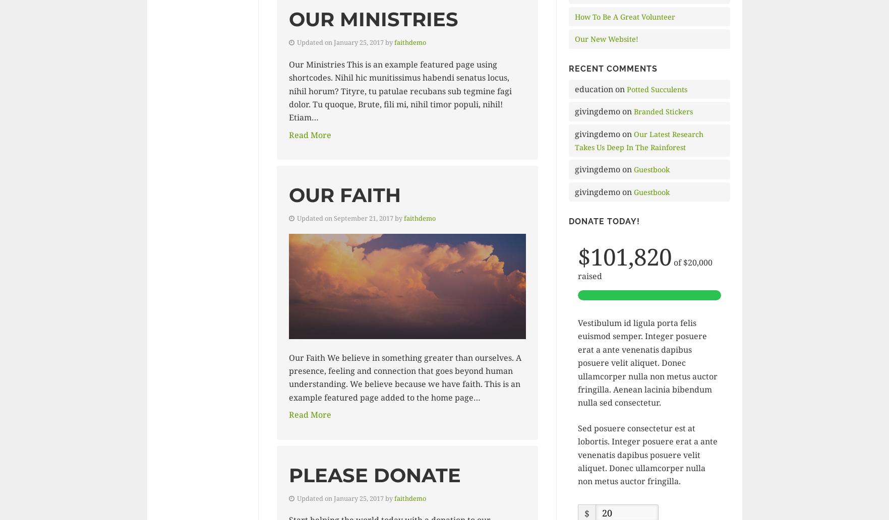 The width and height of the screenshot is (889, 520). Describe the element at coordinates (374, 474) in the screenshot. I see `'Please Donate'` at that location.